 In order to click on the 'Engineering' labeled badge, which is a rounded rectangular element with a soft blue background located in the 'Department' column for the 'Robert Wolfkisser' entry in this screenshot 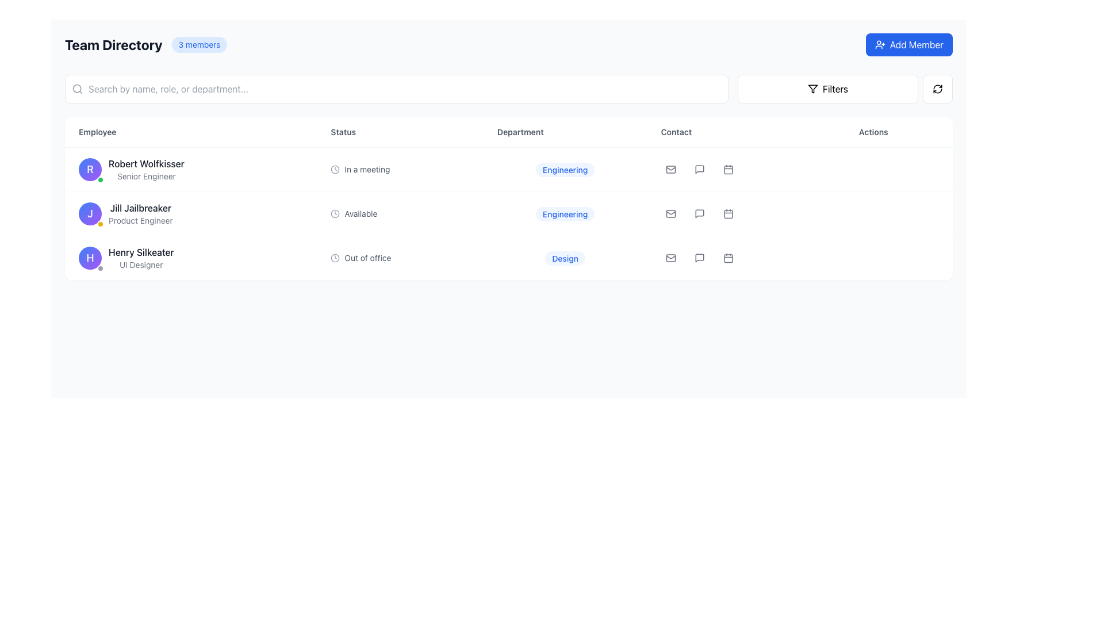, I will do `click(565, 170)`.